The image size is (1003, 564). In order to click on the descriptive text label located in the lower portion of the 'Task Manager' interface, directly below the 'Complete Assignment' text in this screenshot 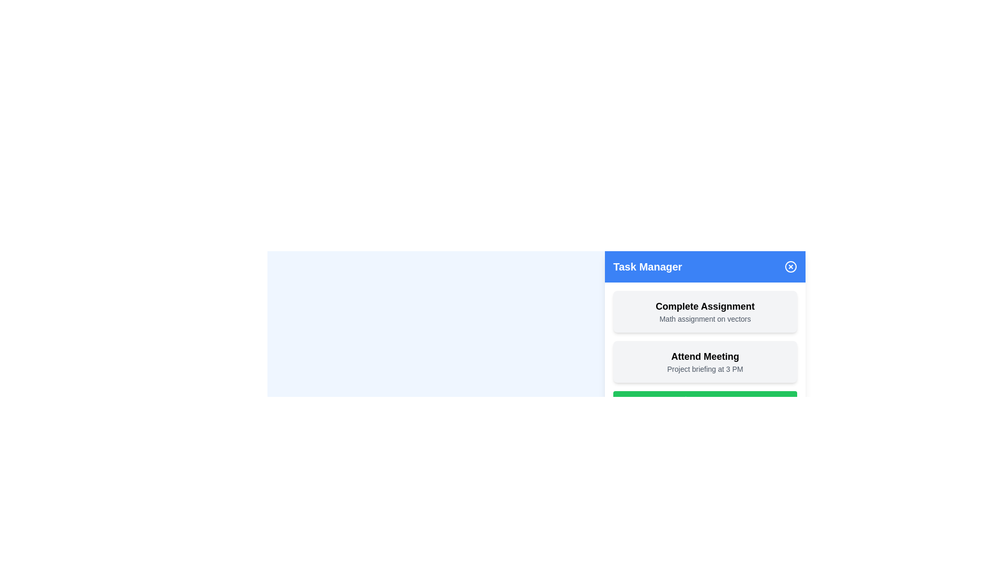, I will do `click(705, 318)`.